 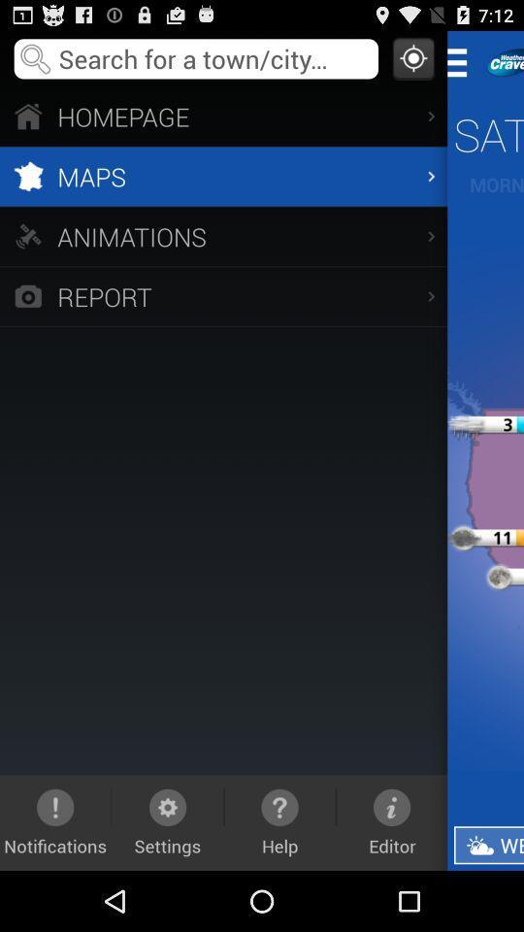 What do you see at coordinates (487, 844) in the screenshot?
I see `weather button` at bounding box center [487, 844].